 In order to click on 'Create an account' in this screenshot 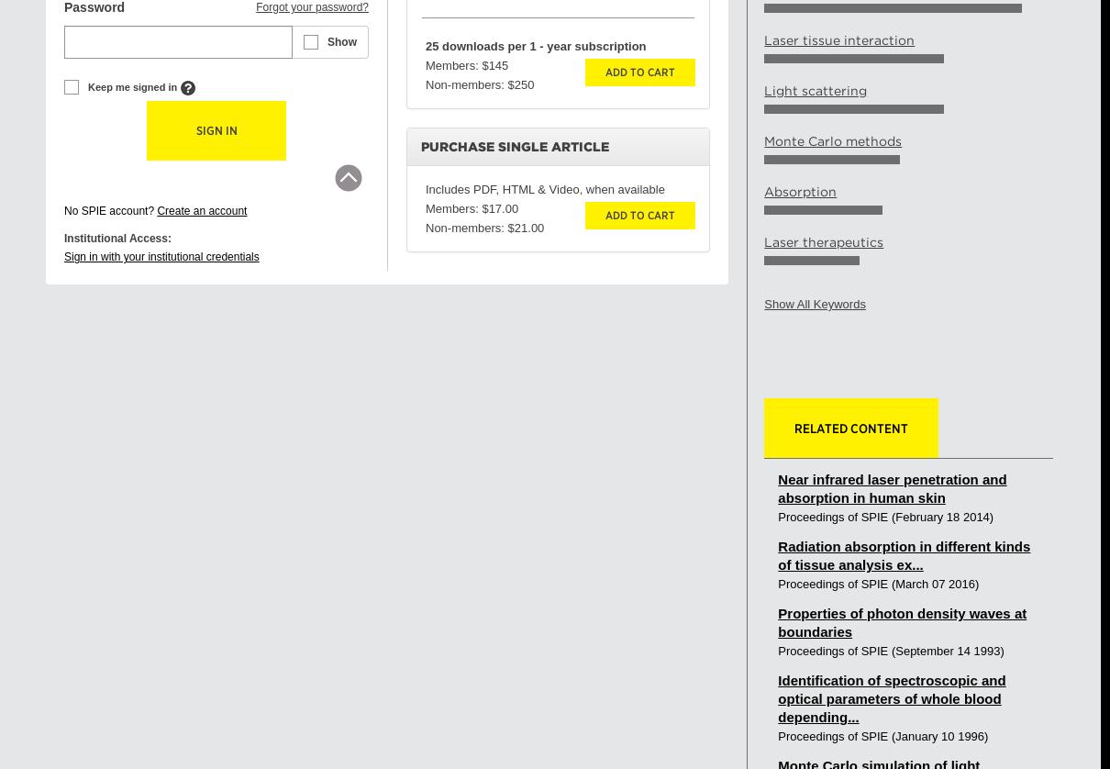, I will do `click(156, 210)`.